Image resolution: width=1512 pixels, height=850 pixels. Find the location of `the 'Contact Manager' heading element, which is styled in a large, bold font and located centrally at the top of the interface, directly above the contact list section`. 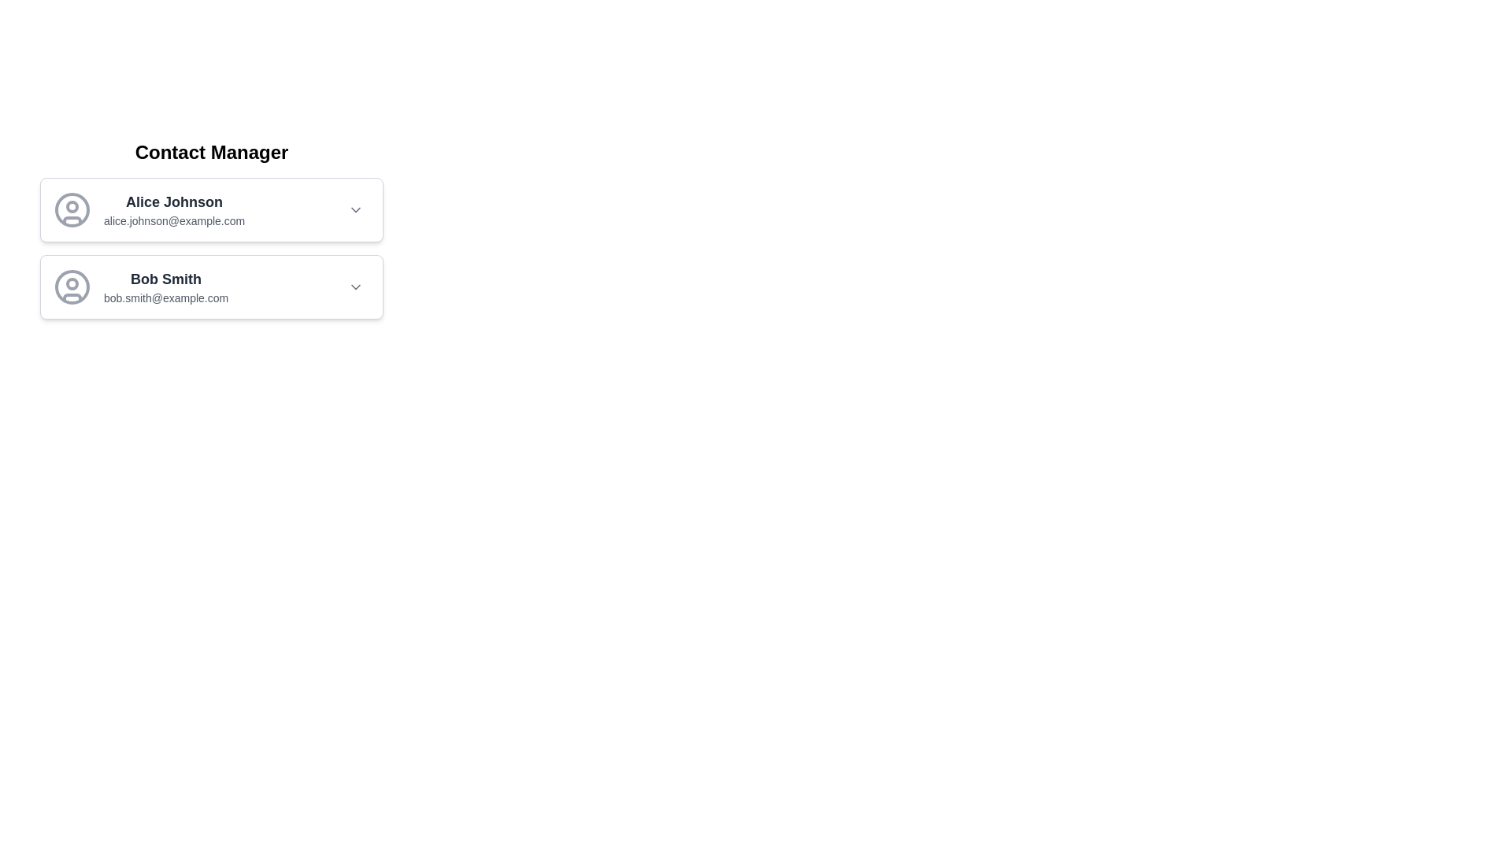

the 'Contact Manager' heading element, which is styled in a large, bold font and located centrally at the top of the interface, directly above the contact list section is located at coordinates (210, 152).